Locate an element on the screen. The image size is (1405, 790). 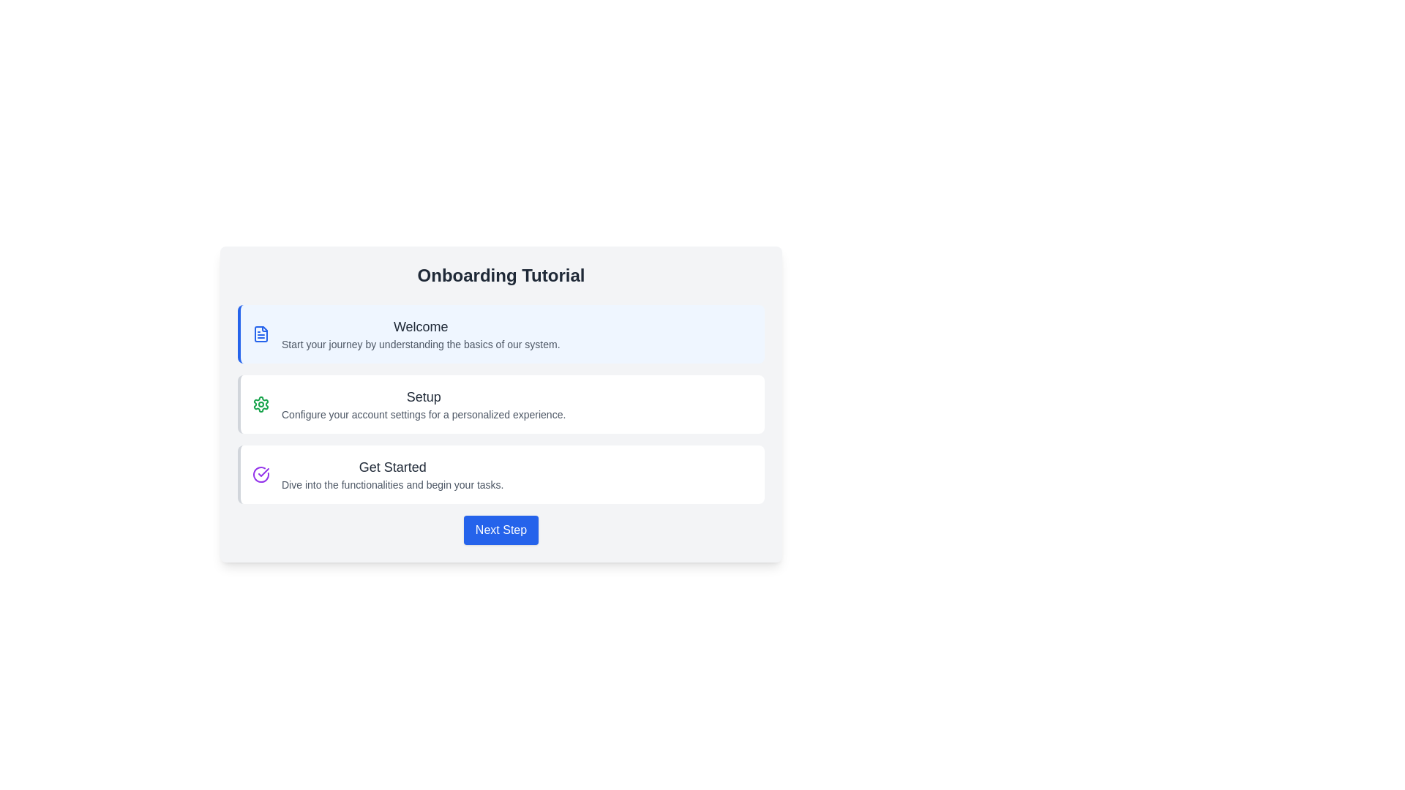
the helper text that reads 'Start your journey by understanding the basics of our system.' located below the 'Welcome' title in the 'Welcome' section is located at coordinates (420, 344).